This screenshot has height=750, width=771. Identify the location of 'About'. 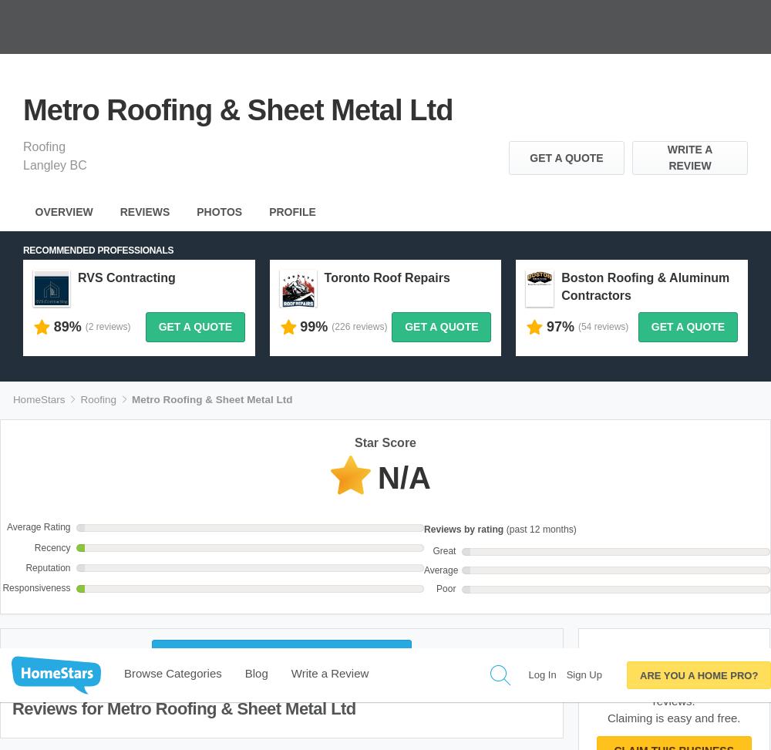
(402, 608).